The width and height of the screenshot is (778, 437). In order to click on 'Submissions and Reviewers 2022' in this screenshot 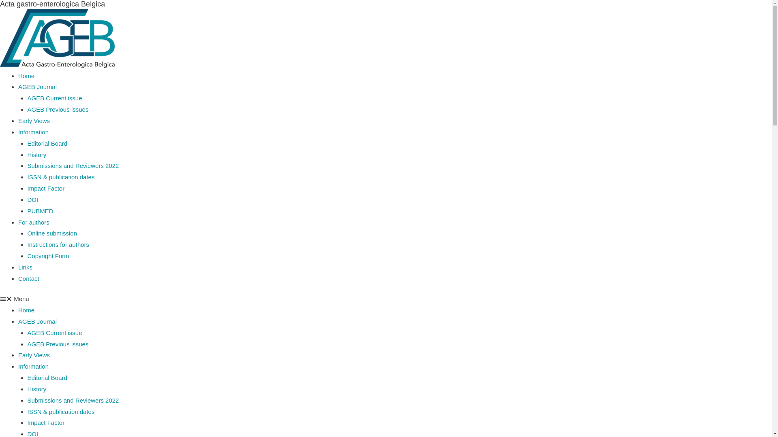, I will do `click(73, 400)`.